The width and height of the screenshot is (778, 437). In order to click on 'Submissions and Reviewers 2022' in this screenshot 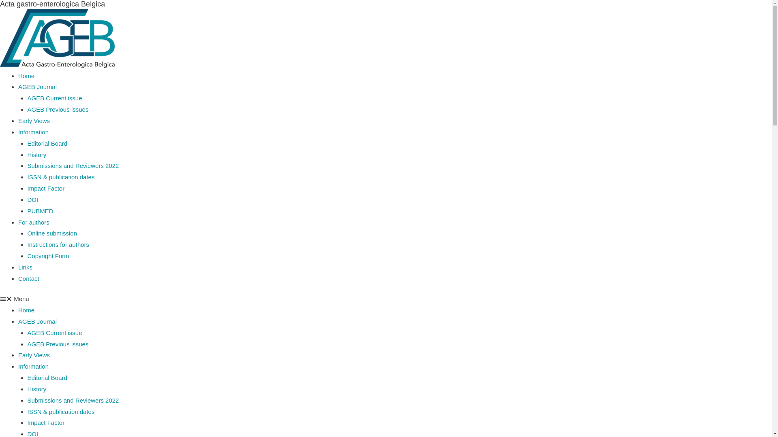, I will do `click(73, 400)`.